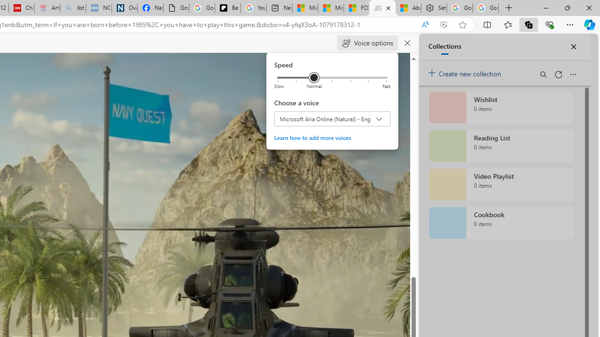  Describe the element at coordinates (408, 8) in the screenshot. I see `'Aberdeen, Hong Kong SAR hourly forecast | Microsoft Weather'` at that location.